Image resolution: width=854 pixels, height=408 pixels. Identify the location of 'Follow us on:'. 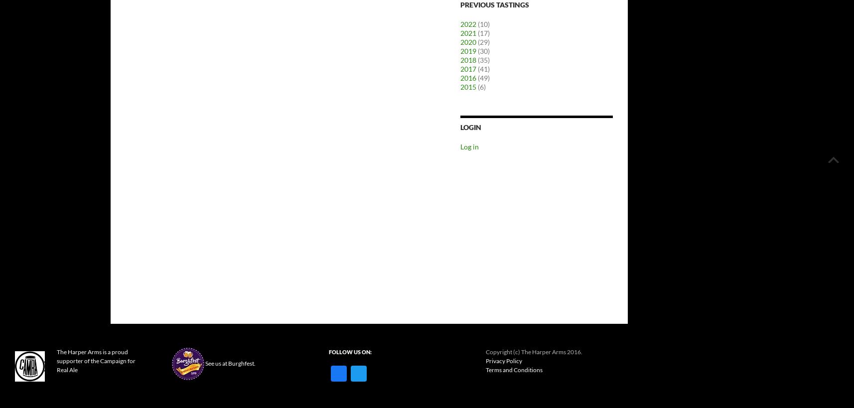
(350, 351).